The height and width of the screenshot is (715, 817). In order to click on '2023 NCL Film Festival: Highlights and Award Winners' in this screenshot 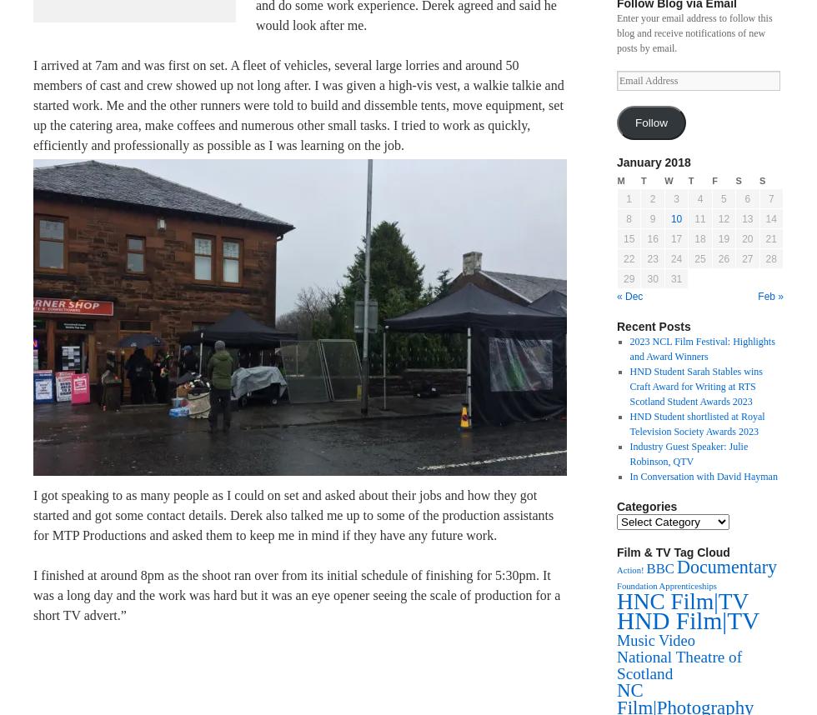, I will do `click(702, 347)`.